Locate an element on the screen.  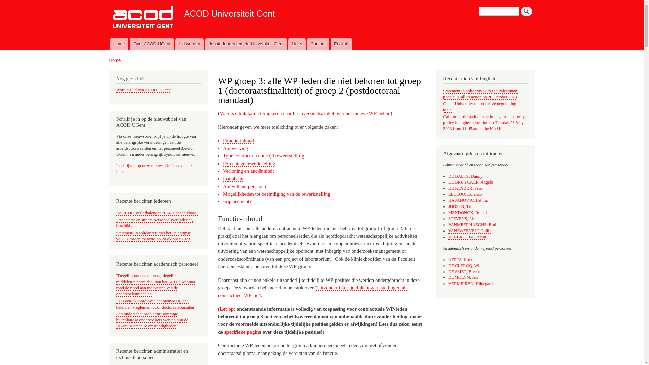
'VERBRUGGE, Alain' is located at coordinates (467, 237).